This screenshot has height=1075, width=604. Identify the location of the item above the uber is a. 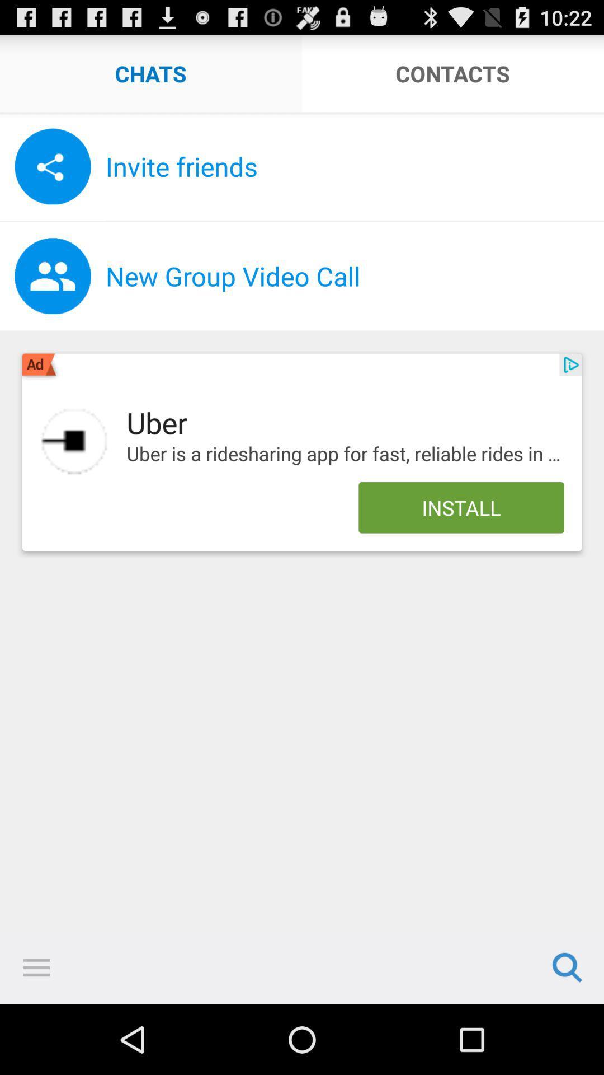
(570, 364).